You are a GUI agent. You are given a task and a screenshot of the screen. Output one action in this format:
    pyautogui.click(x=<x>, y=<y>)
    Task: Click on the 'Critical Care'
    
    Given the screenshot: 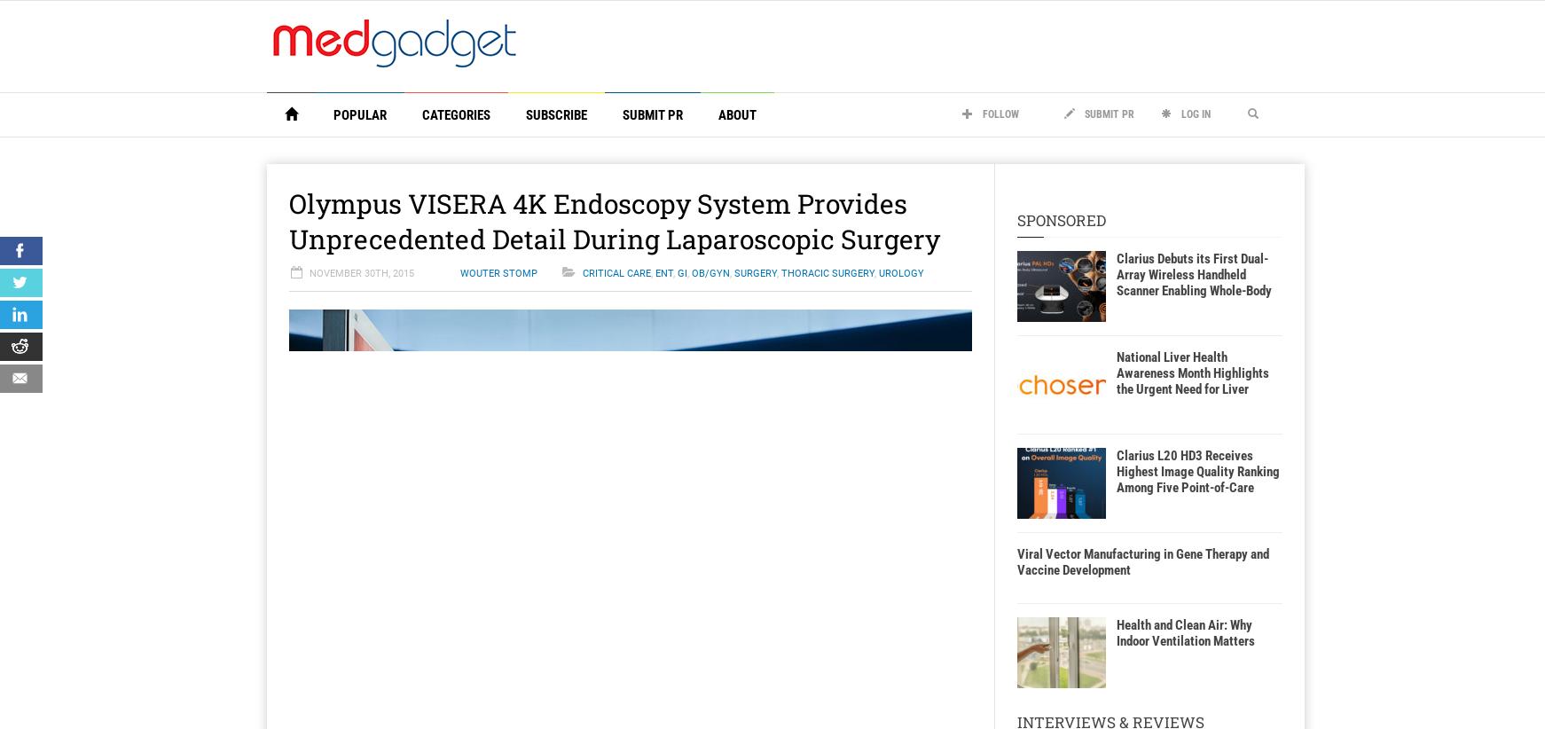 What is the action you would take?
    pyautogui.click(x=616, y=273)
    